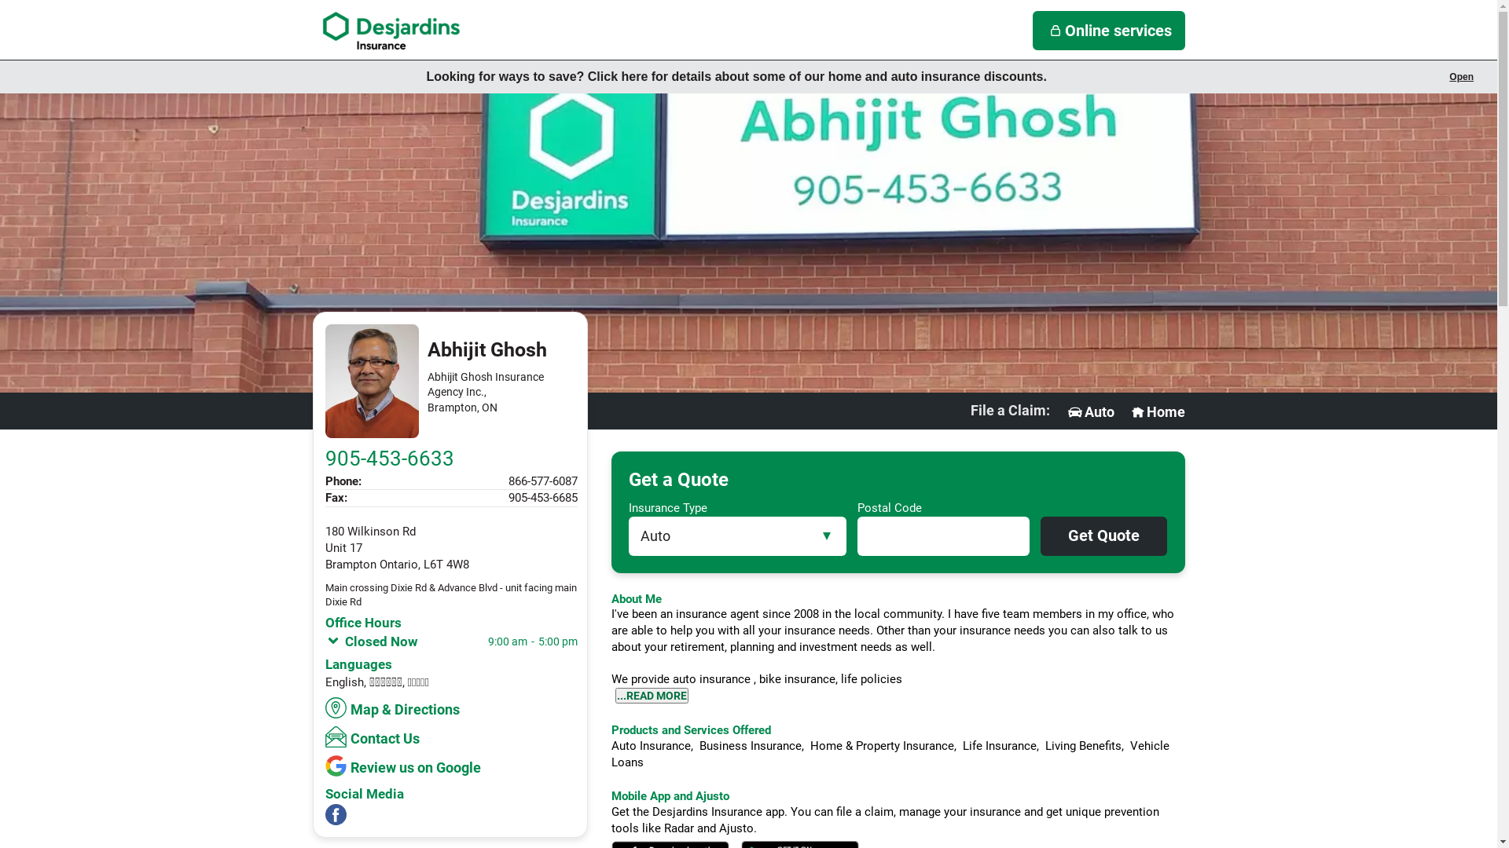 The image size is (1509, 848). Describe the element at coordinates (391, 30) in the screenshot. I see `'Navigate to Desjardins Insurance'` at that location.